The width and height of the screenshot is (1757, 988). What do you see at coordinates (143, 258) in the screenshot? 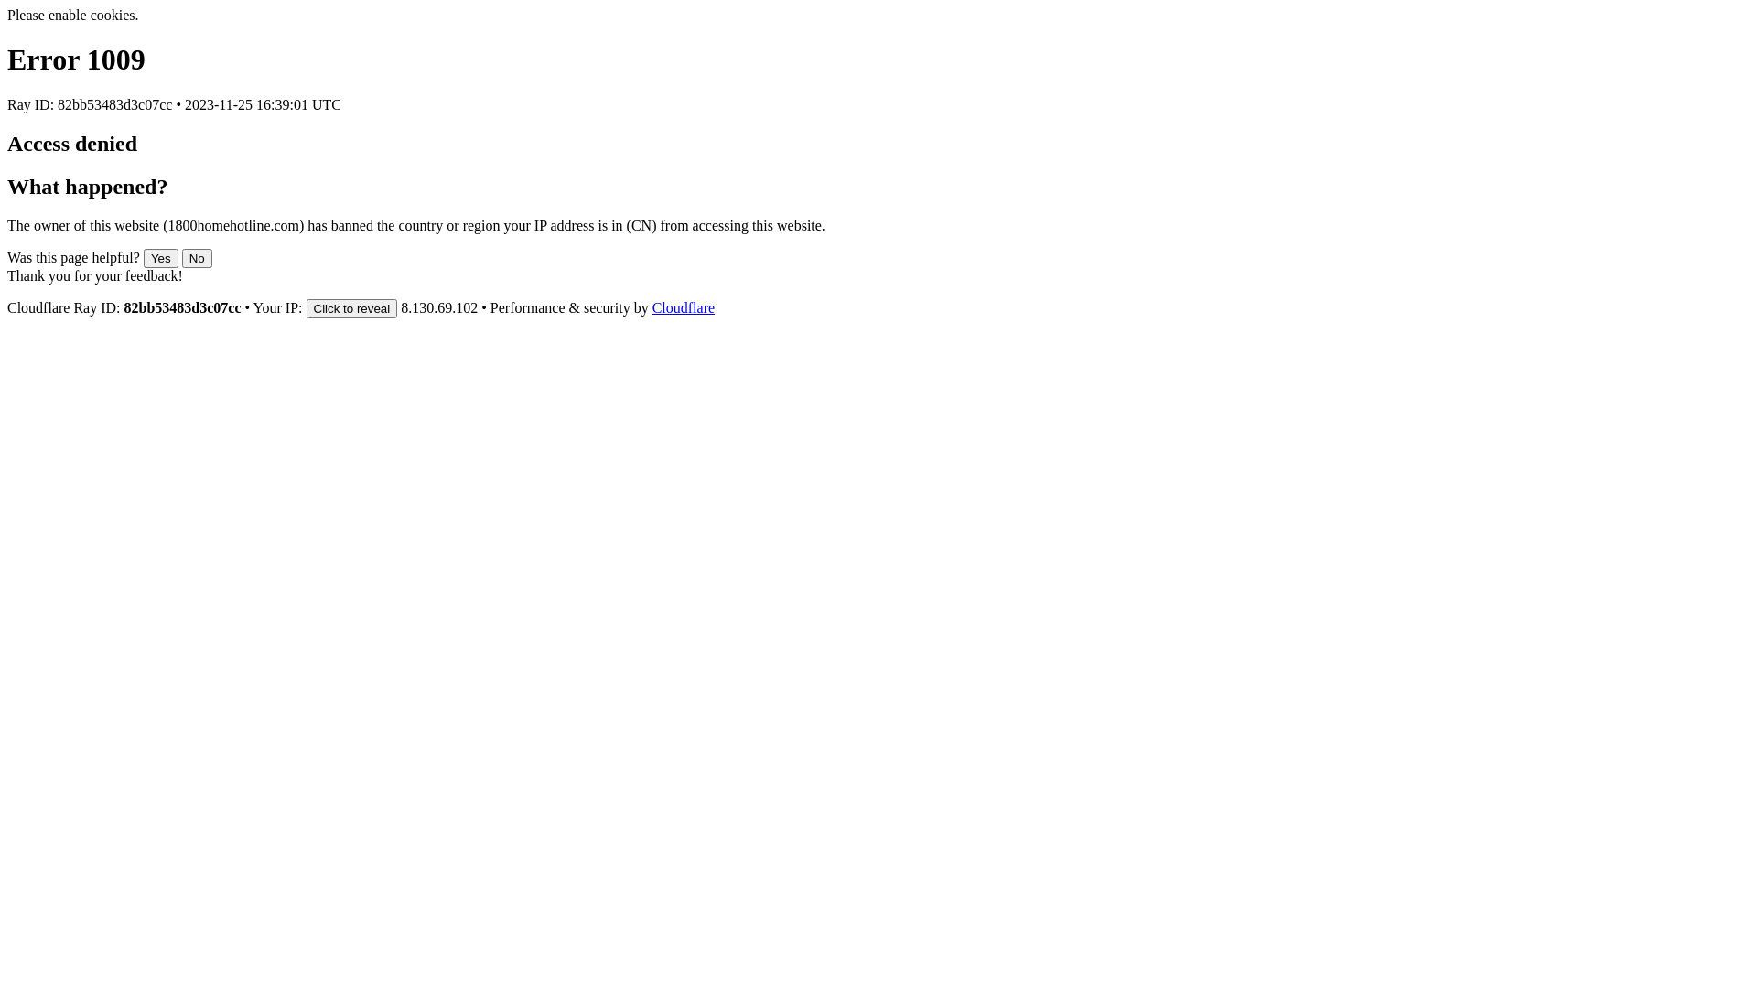
I see `'Yes'` at bounding box center [143, 258].